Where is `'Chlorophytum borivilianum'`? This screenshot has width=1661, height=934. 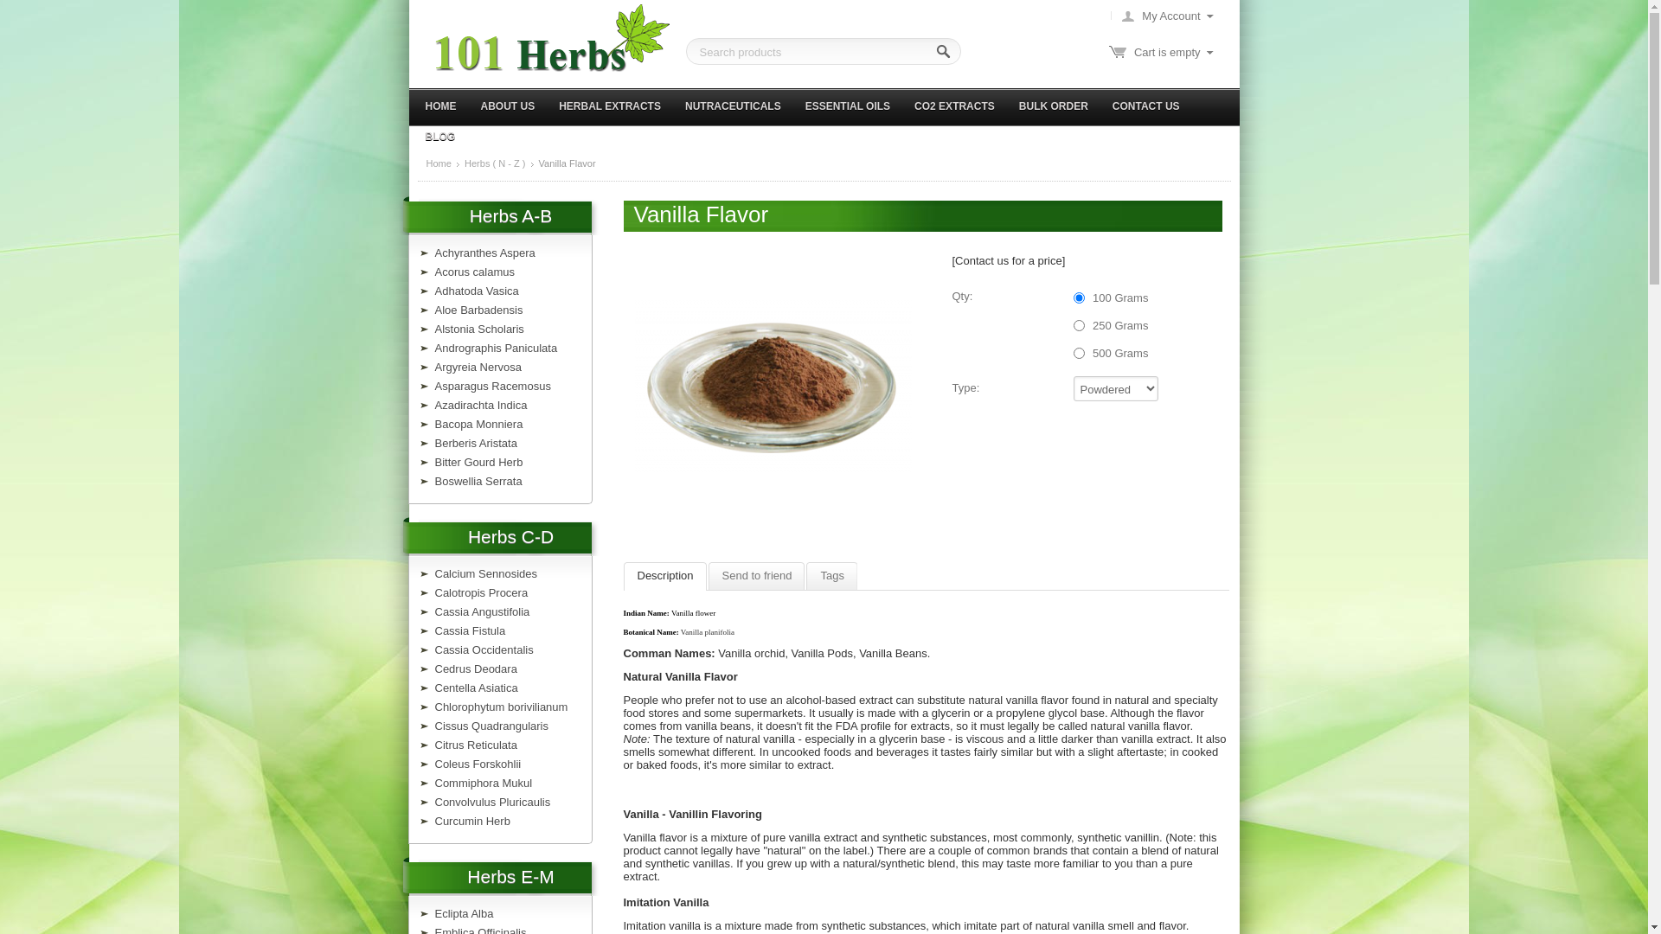 'Chlorophytum borivilianum' is located at coordinates (500, 707).